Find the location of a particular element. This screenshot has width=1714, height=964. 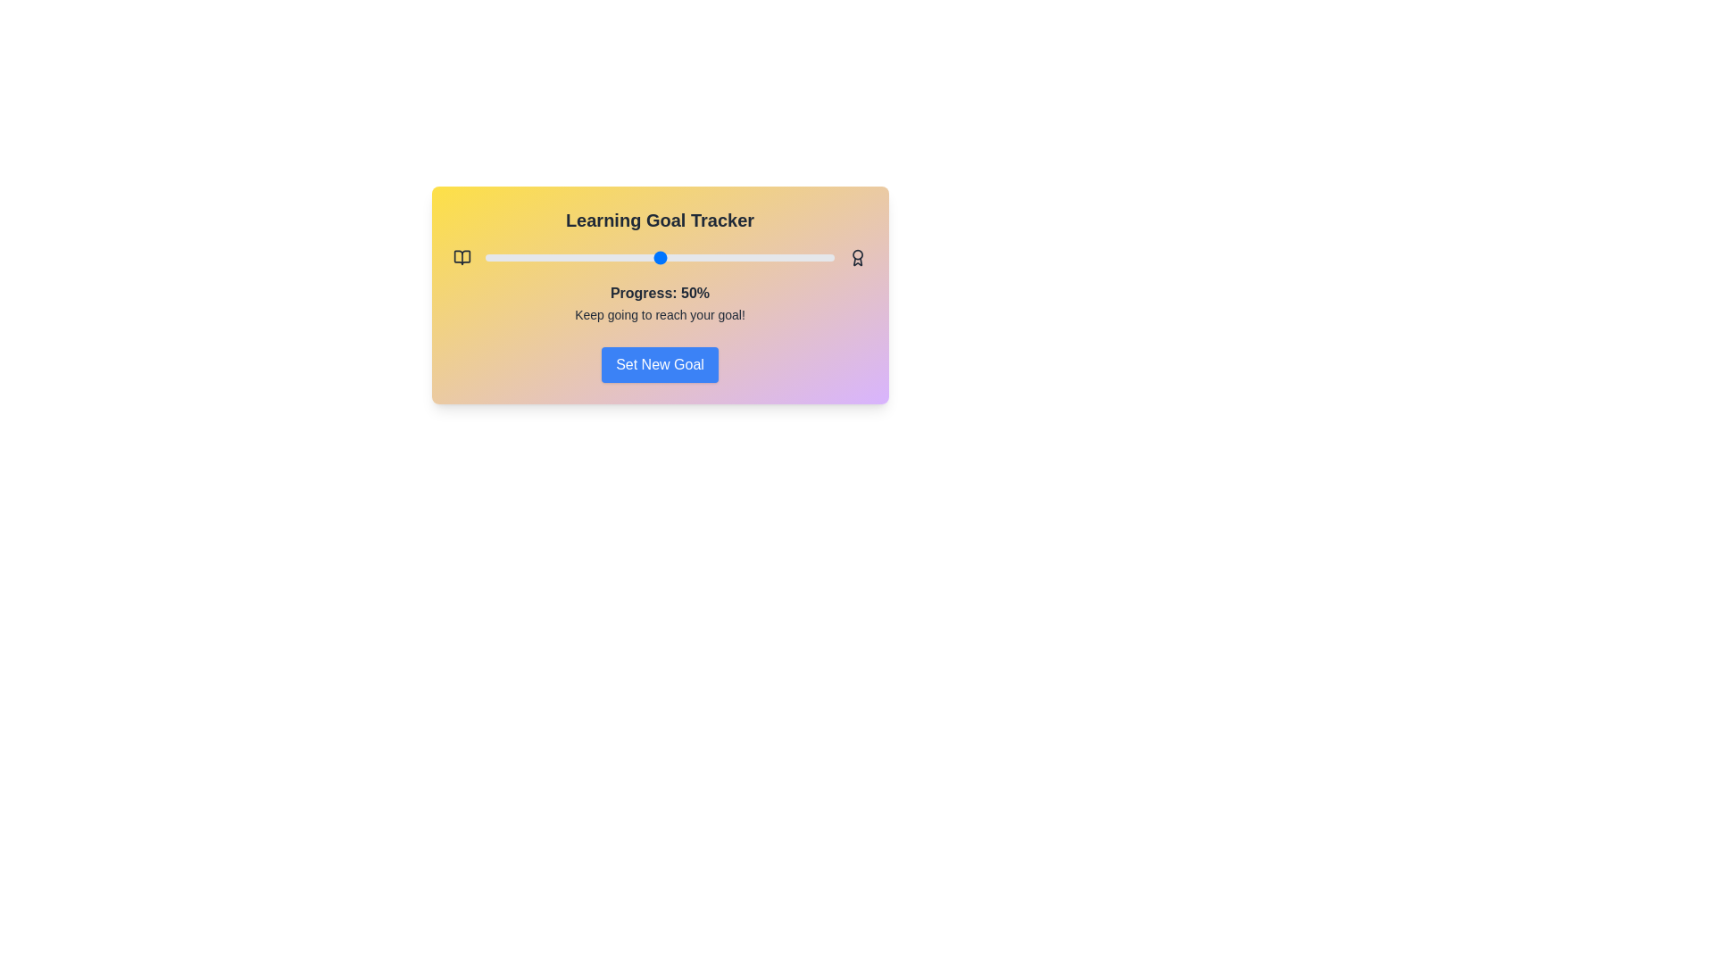

the progress slider to 84% is located at coordinates (778, 258).